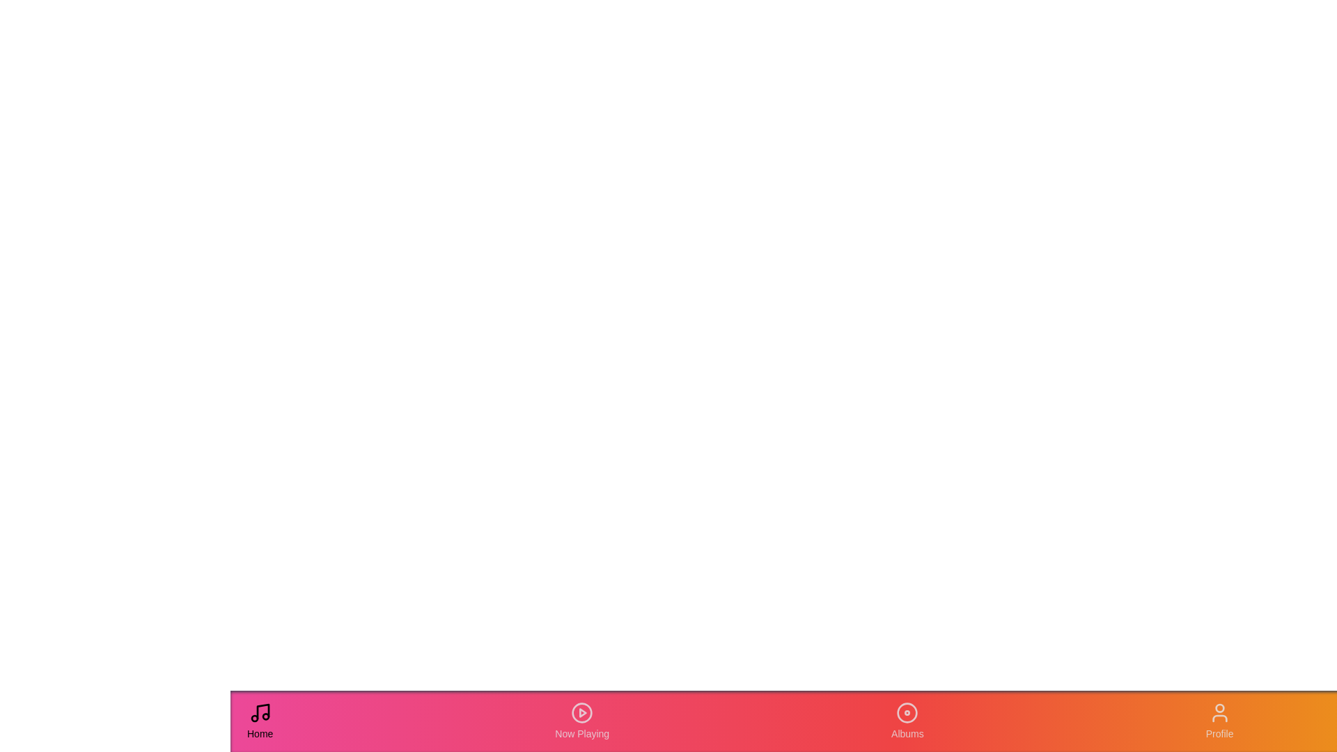  Describe the element at coordinates (907, 721) in the screenshot. I see `the Albums tab in the navigation bar` at that location.